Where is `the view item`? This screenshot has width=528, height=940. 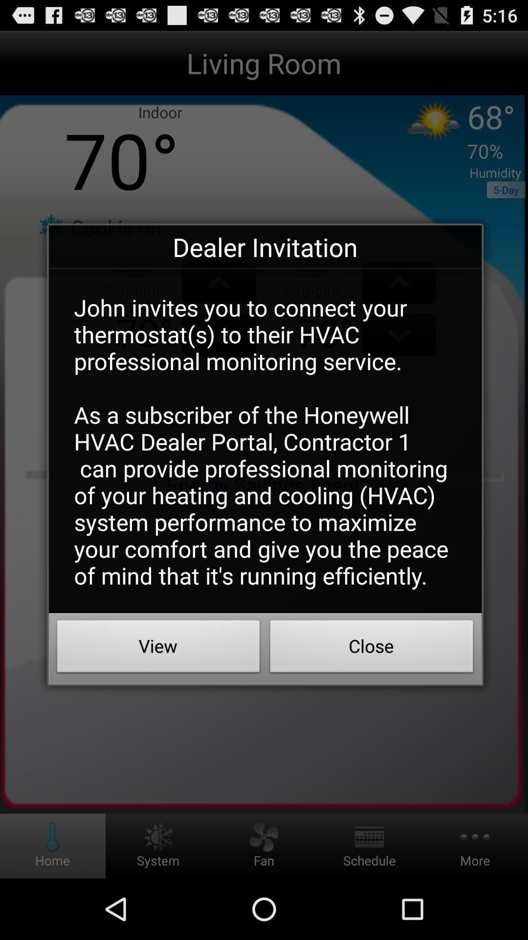 the view item is located at coordinates (158, 649).